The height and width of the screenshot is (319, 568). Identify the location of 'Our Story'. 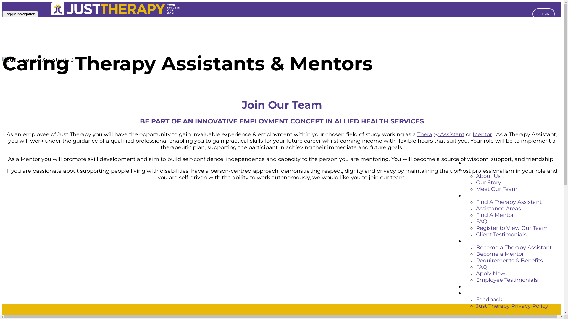
(477, 170).